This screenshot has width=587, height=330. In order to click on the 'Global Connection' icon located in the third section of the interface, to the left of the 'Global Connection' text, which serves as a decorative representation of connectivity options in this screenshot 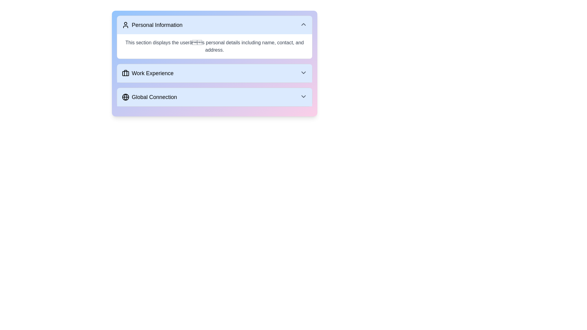, I will do `click(125, 97)`.